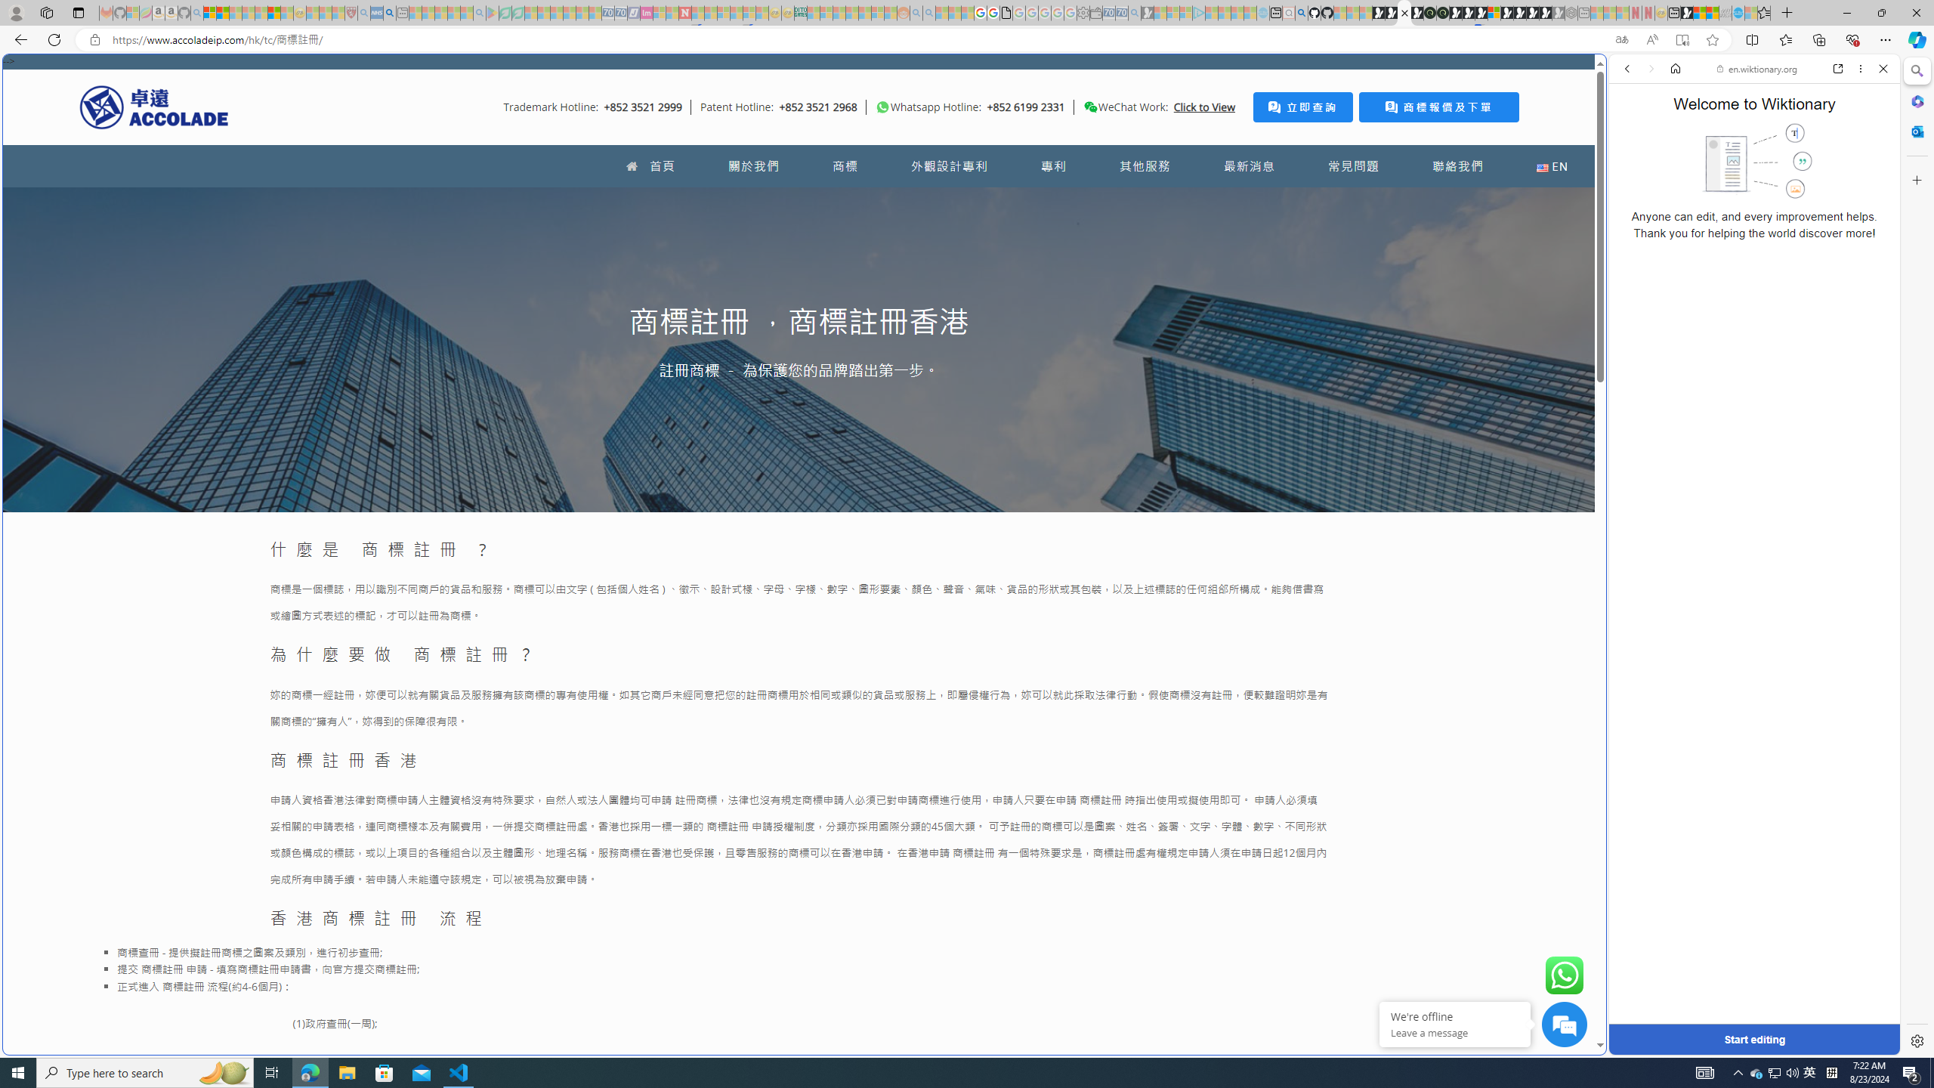  Describe the element at coordinates (261, 12) in the screenshot. I see `'New Report Confirms 2023 Was Record Hot | Watch - Sleeping'` at that location.